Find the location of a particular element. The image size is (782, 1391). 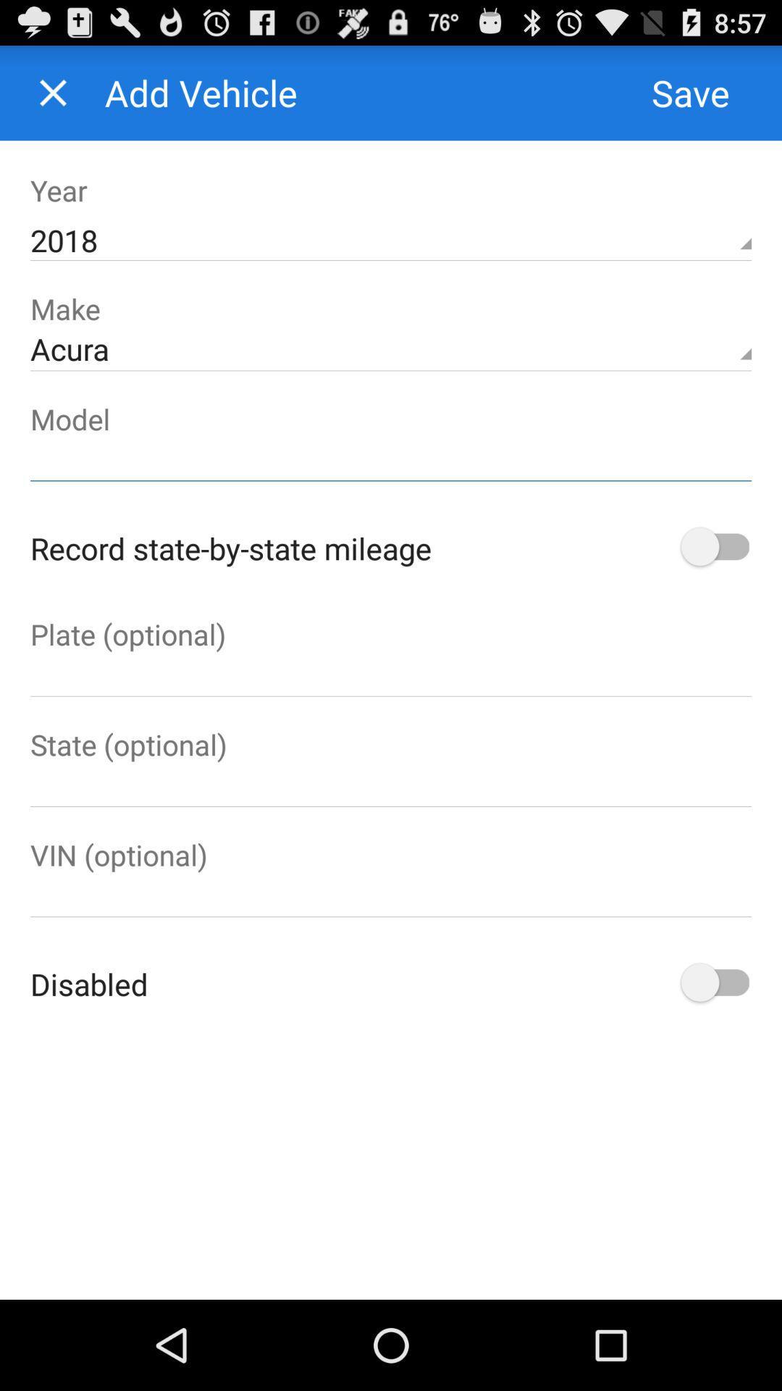

switch disable option is located at coordinates (712, 984).